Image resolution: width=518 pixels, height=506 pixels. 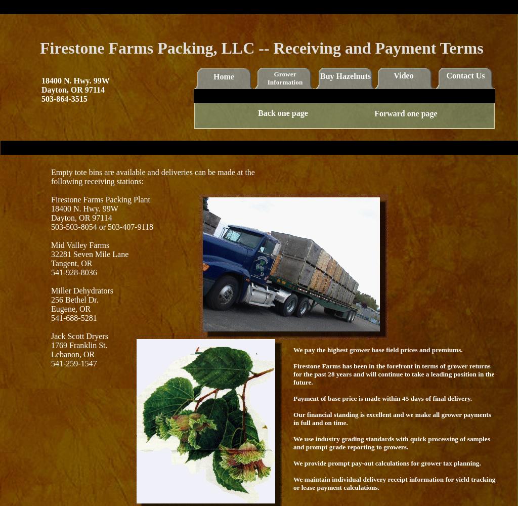 I want to click on 'Firestone Farms has been in the forefront in terms of grower returns for the past 28 years and will continue to take a leading position in the future.', so click(x=394, y=373).